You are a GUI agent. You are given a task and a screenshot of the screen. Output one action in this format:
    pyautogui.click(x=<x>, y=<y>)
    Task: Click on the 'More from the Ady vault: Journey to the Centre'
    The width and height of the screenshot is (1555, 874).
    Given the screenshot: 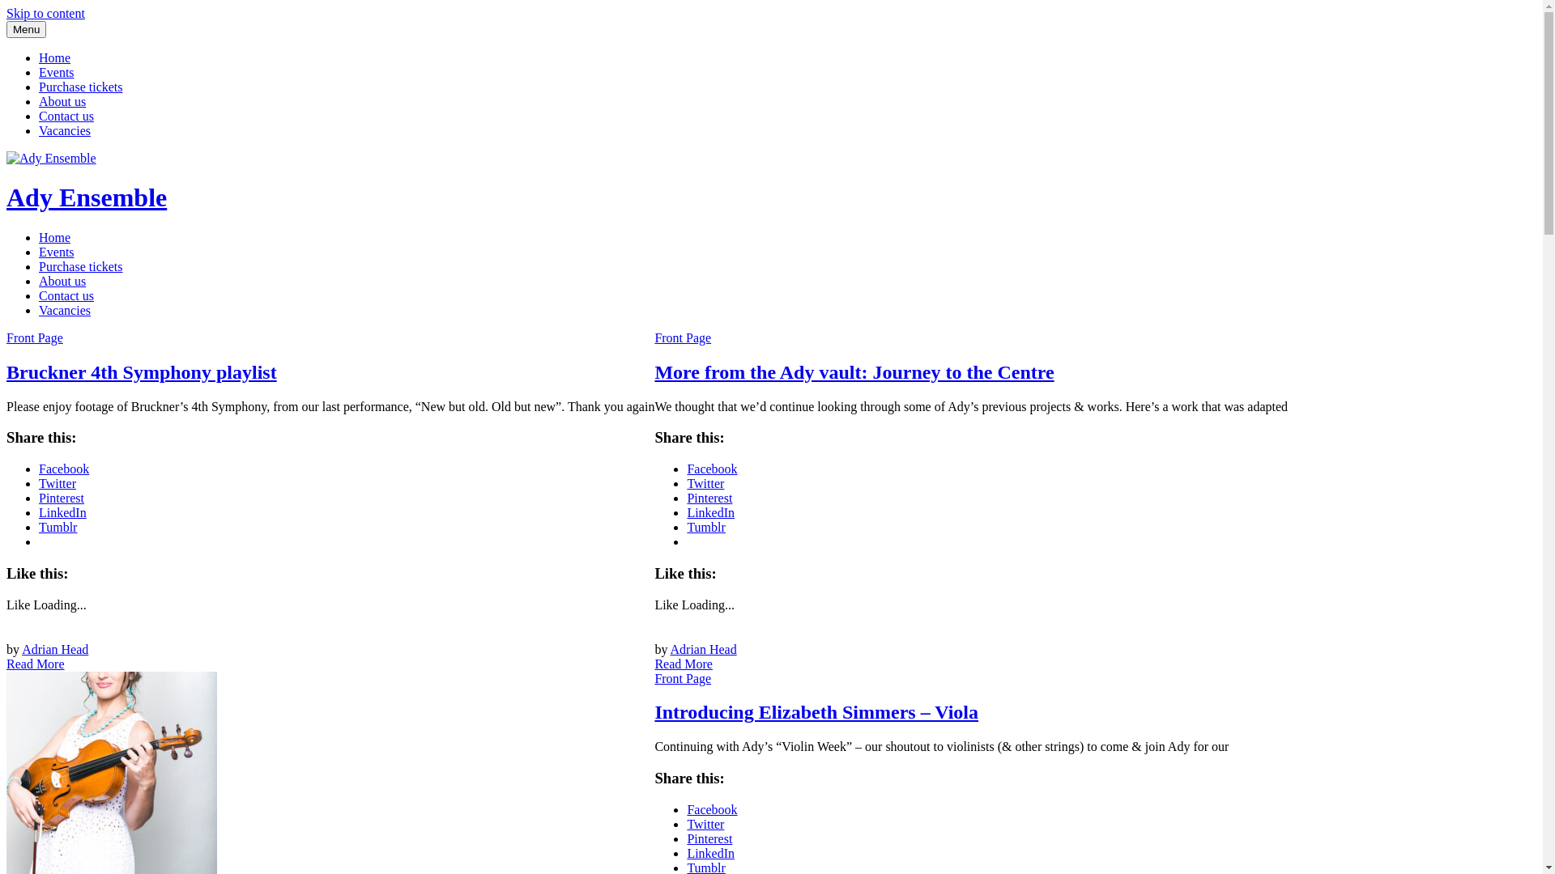 What is the action you would take?
    pyautogui.click(x=853, y=371)
    